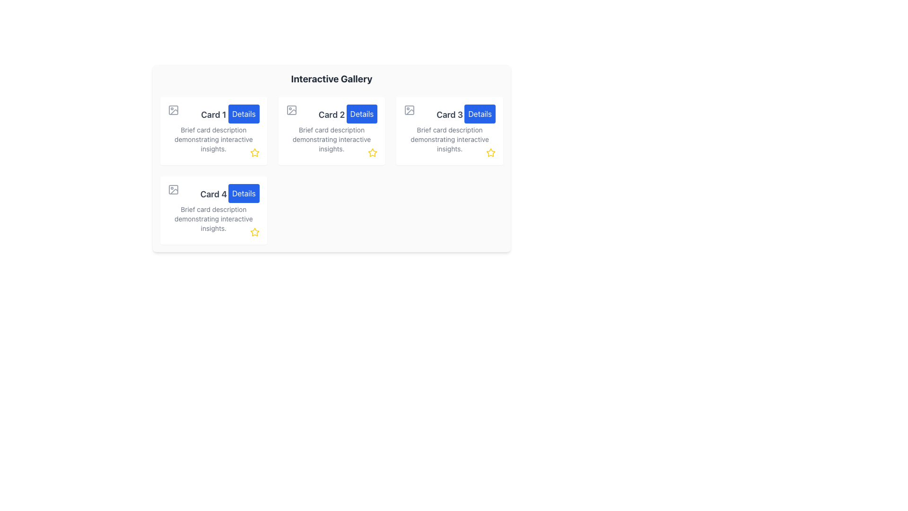 This screenshot has height=511, width=908. I want to click on the text label that serves as the heading or title for the second card in the first row of the card grid layout, so click(332, 115).